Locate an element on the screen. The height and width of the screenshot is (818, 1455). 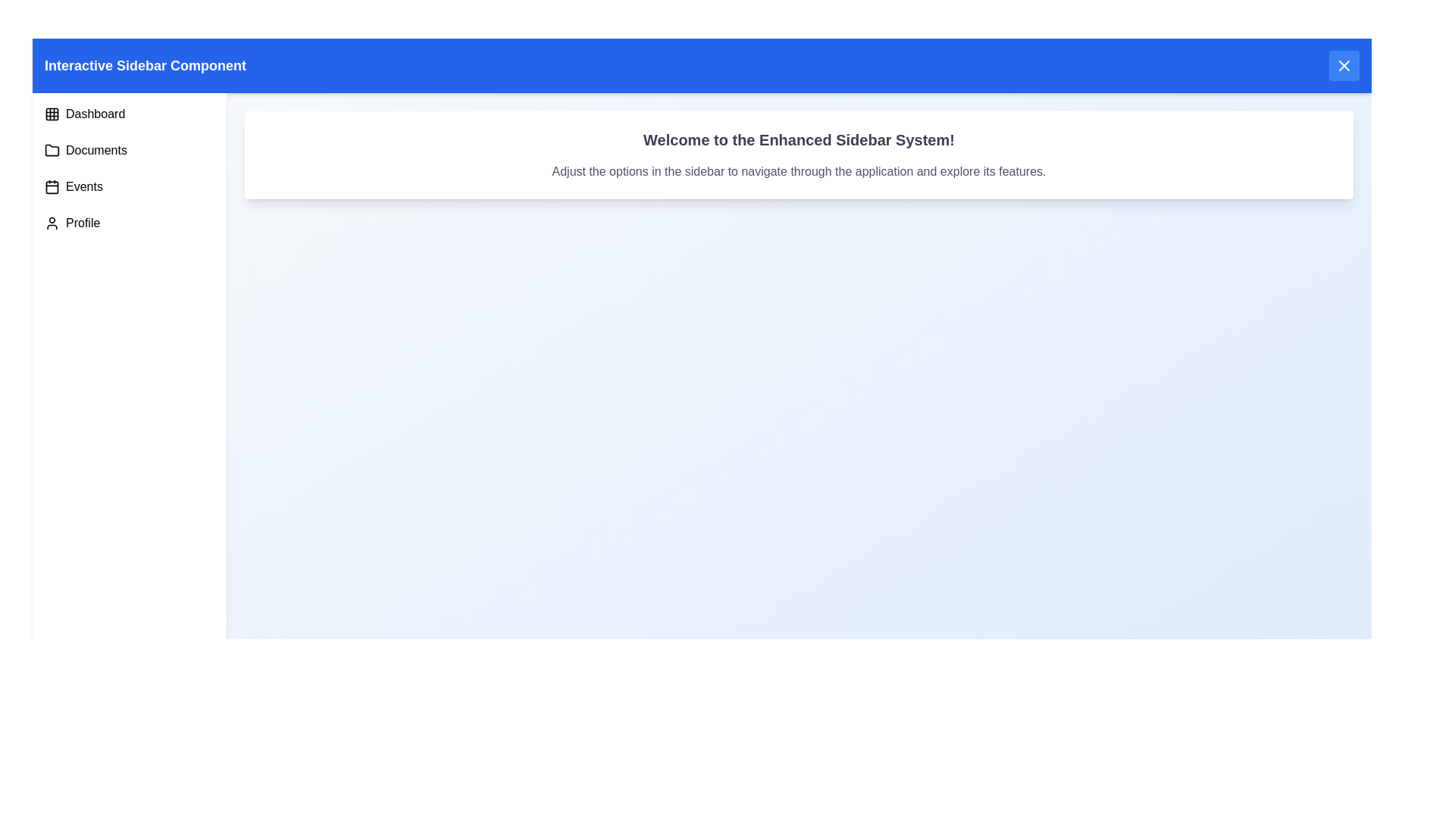
the 'Documents' menu item, which is the second item in the sidebar list is located at coordinates (130, 151).